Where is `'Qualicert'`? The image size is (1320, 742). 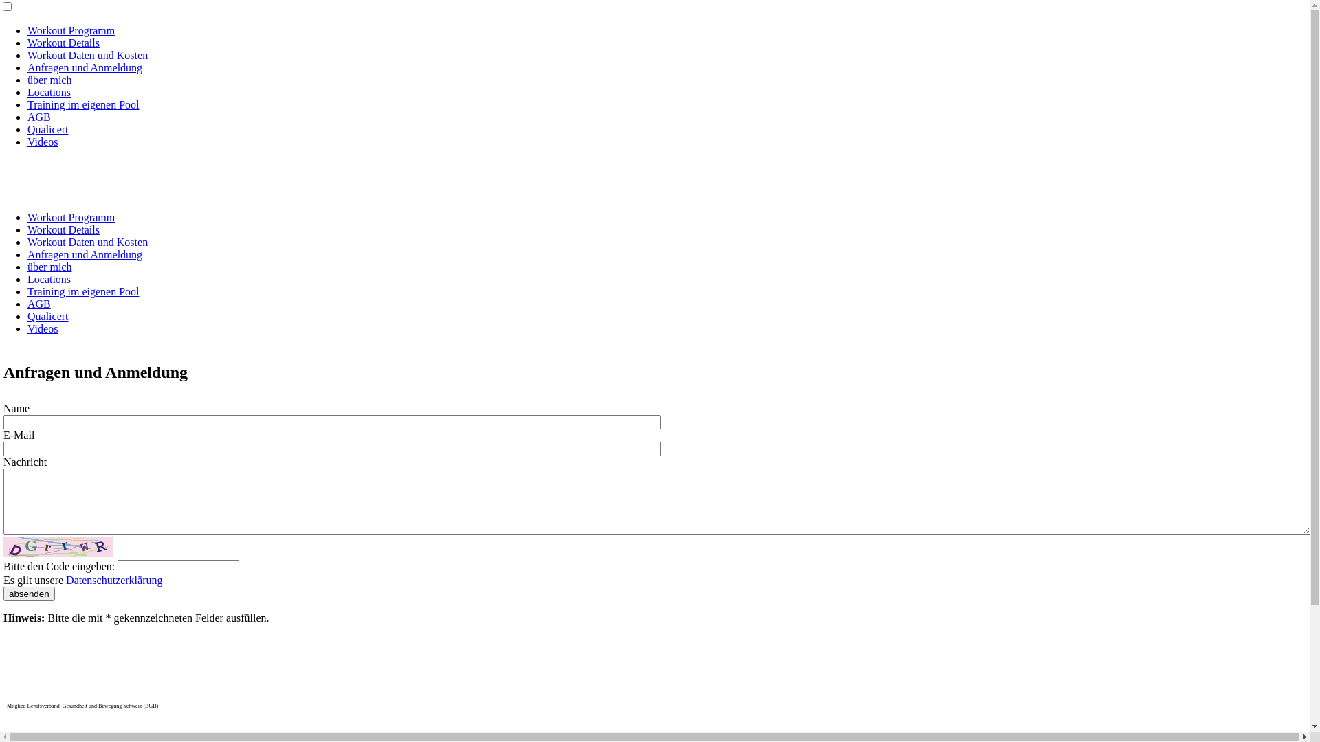 'Qualicert' is located at coordinates (48, 316).